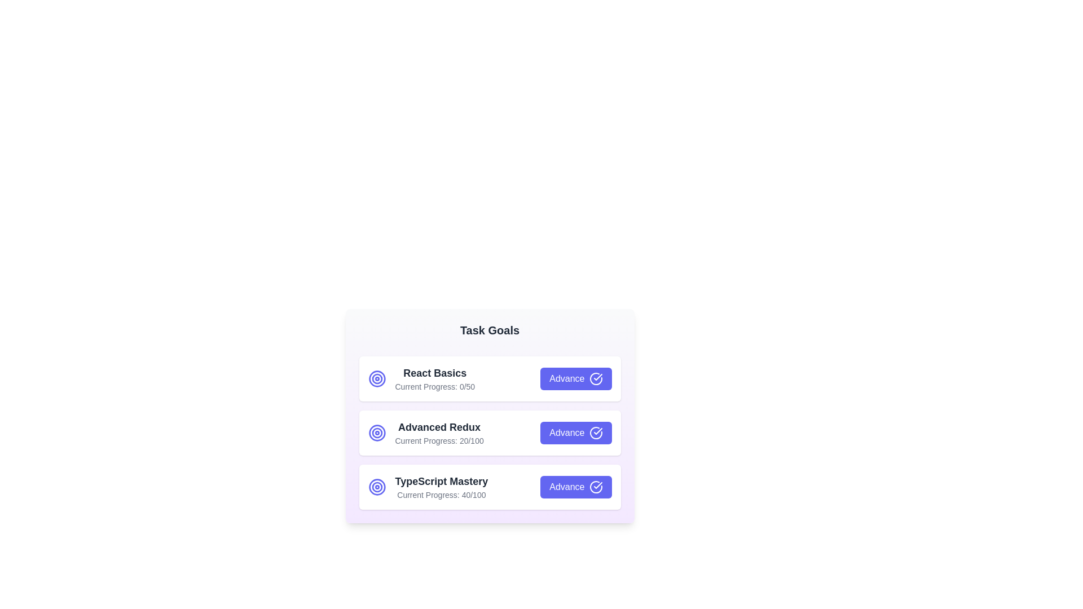 Image resolution: width=1083 pixels, height=609 pixels. Describe the element at coordinates (377, 487) in the screenshot. I see `the target icon, which is a visual representation featuring concentric circles with a bullseye in the center, styled in indigo color, positioned to the left of the text 'TypeScript Mastery' and 'Current Progress: 40/100'` at that location.